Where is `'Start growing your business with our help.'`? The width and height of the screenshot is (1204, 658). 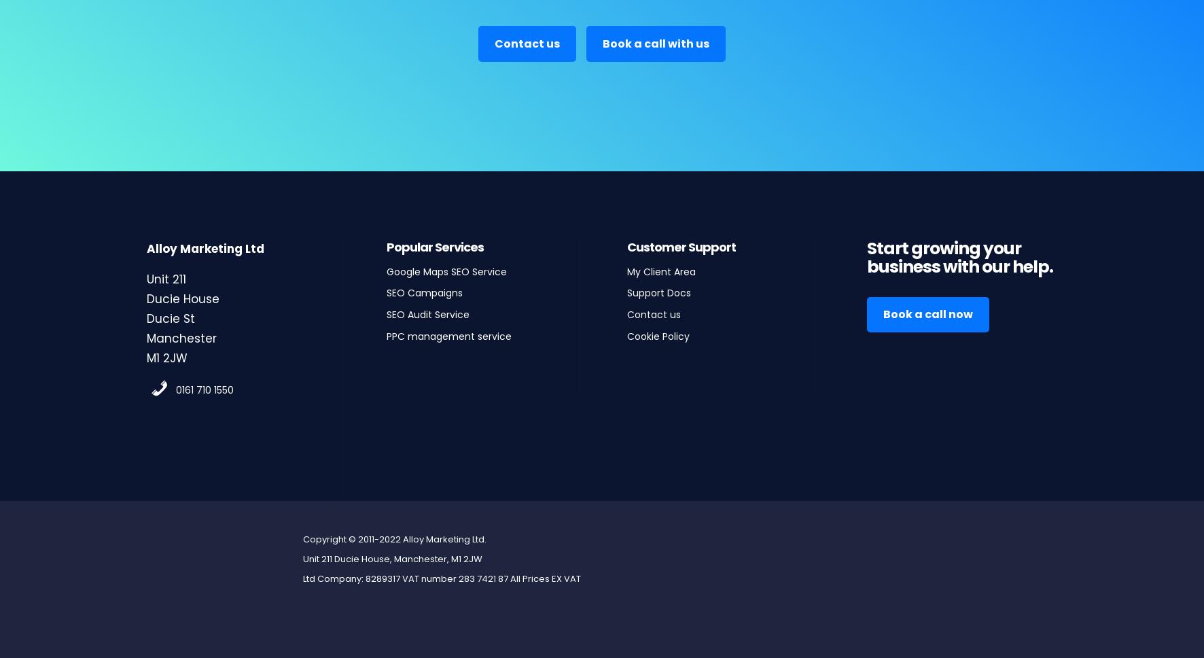
'Start growing your business with our help.' is located at coordinates (959, 256).